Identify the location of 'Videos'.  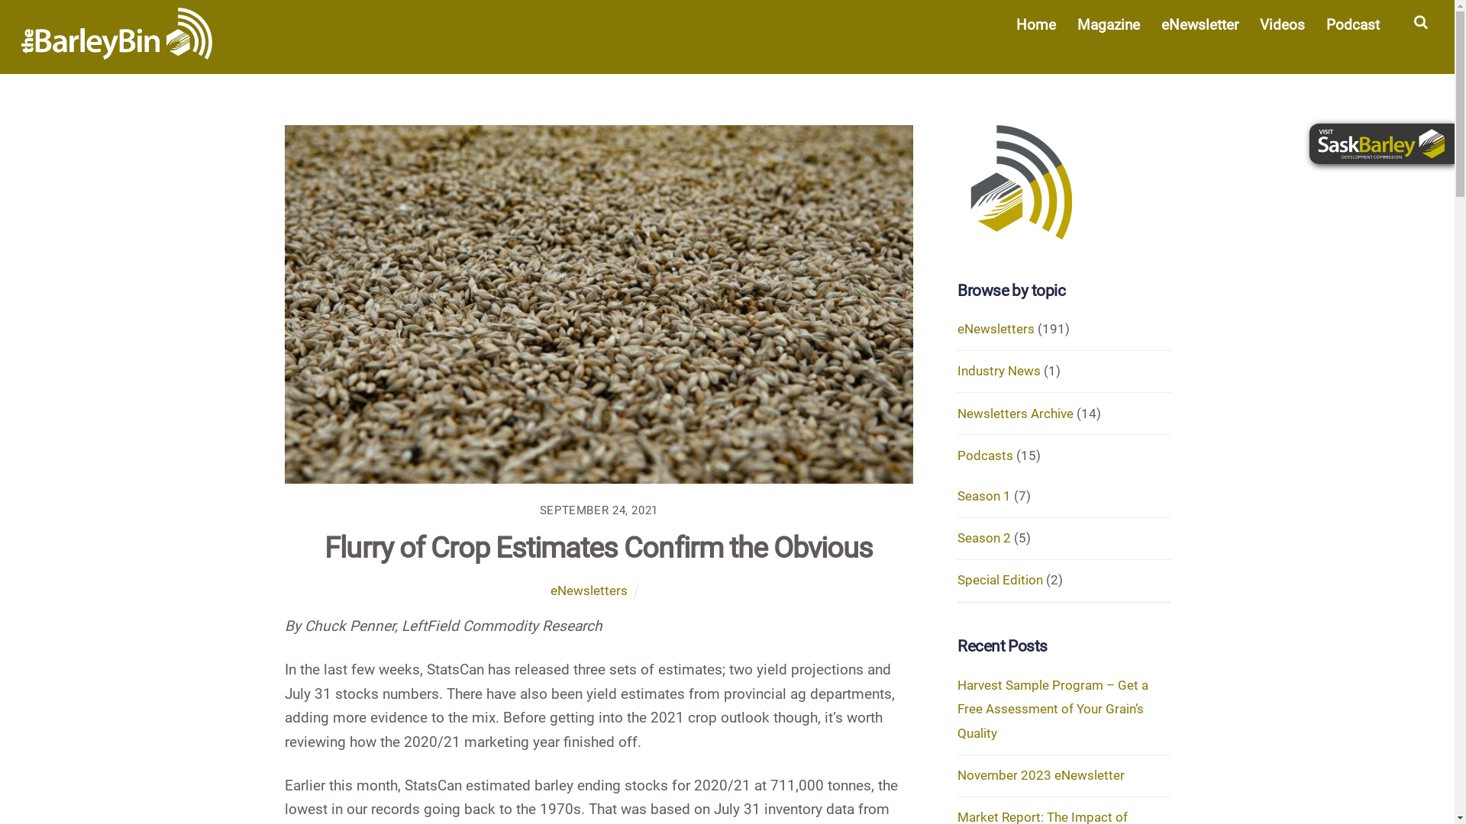
(1282, 24).